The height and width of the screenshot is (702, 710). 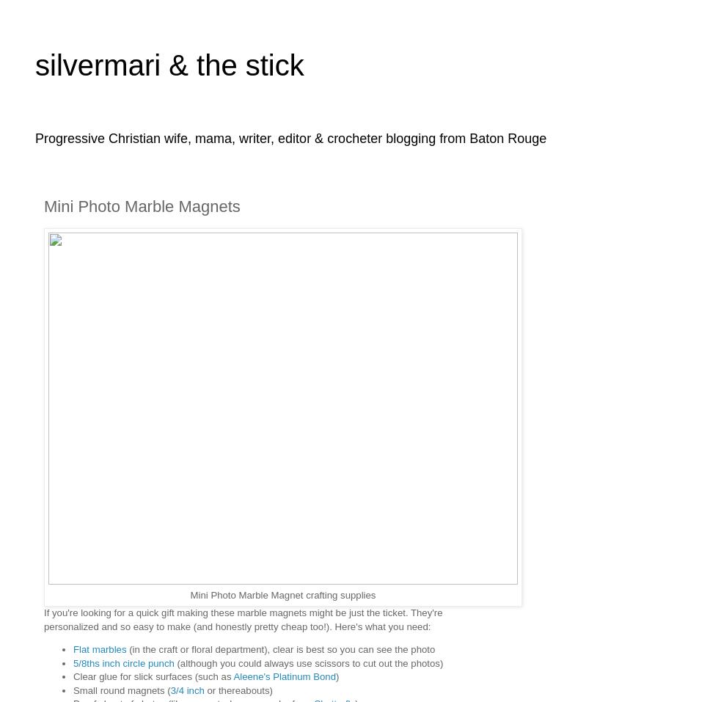 I want to click on '(although you could always use scissors to cut out the photos)', so click(x=172, y=662).